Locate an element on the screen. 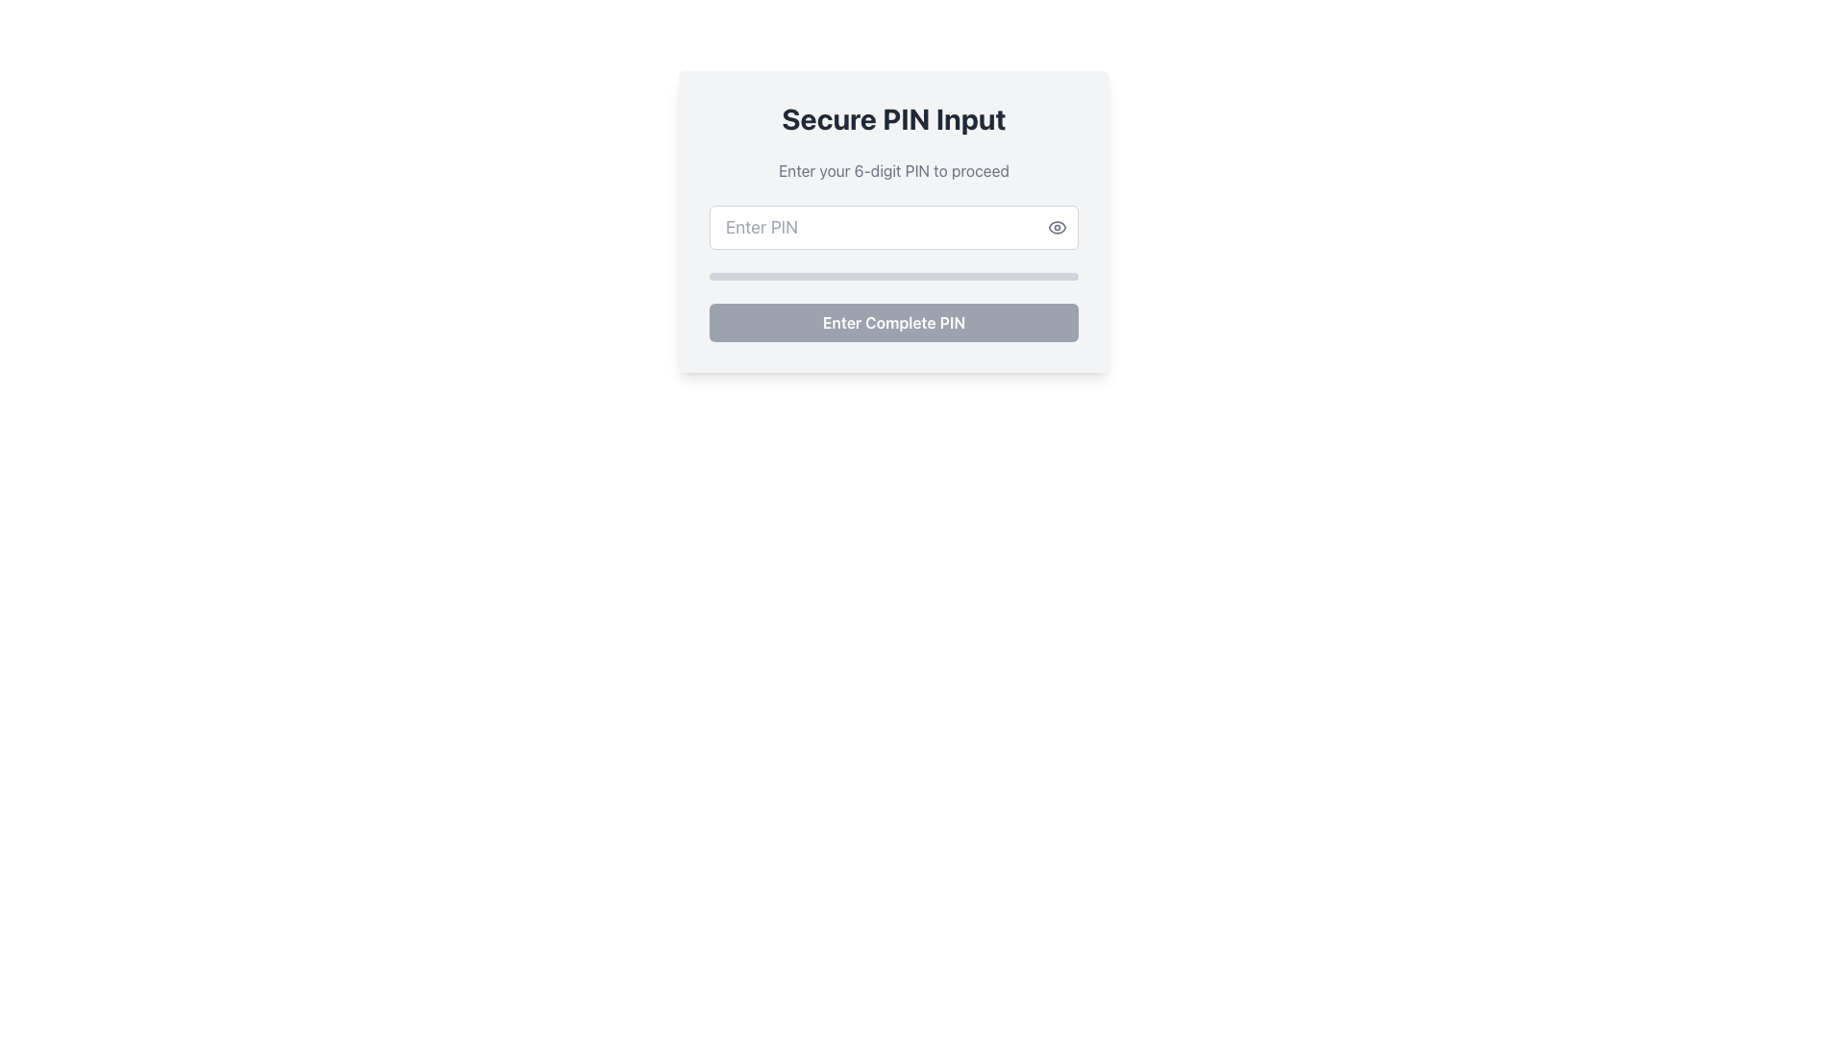  the horizontal rectangular progress bar with a light gray background and an indigo-colored segment indicating progress, located below the 'Enter PIN' text input box and above the 'Enter Complete PIN' button is located at coordinates (893, 277).